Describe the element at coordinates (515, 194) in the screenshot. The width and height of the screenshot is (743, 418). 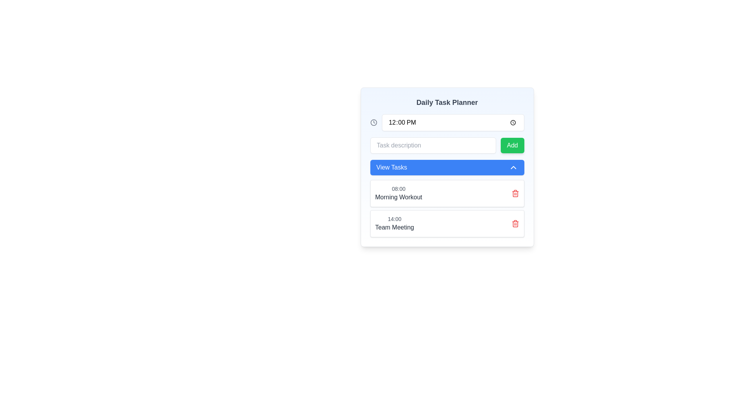
I see `the red rectangular part of the trash bin icon, which is the main body of the bin located near the right end of the 'Morning Workout' task in the task list` at that location.